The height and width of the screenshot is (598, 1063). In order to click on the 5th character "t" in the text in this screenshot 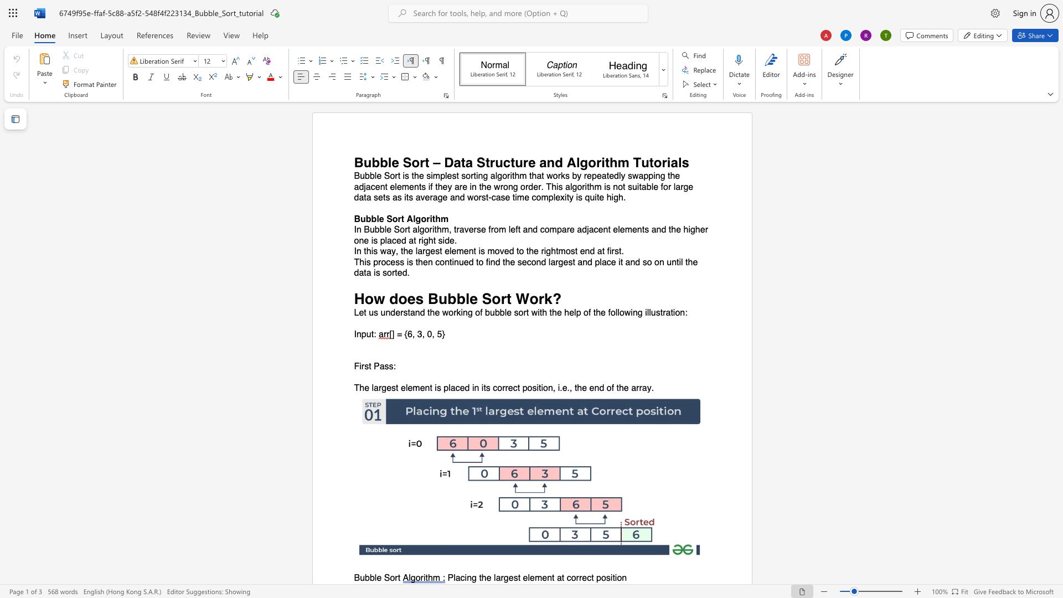, I will do `click(608, 229)`.